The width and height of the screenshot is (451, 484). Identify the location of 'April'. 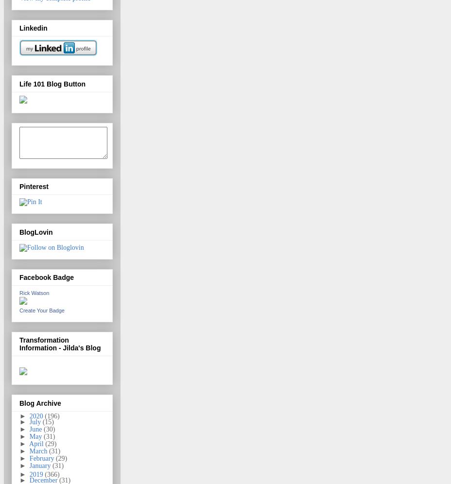
(29, 443).